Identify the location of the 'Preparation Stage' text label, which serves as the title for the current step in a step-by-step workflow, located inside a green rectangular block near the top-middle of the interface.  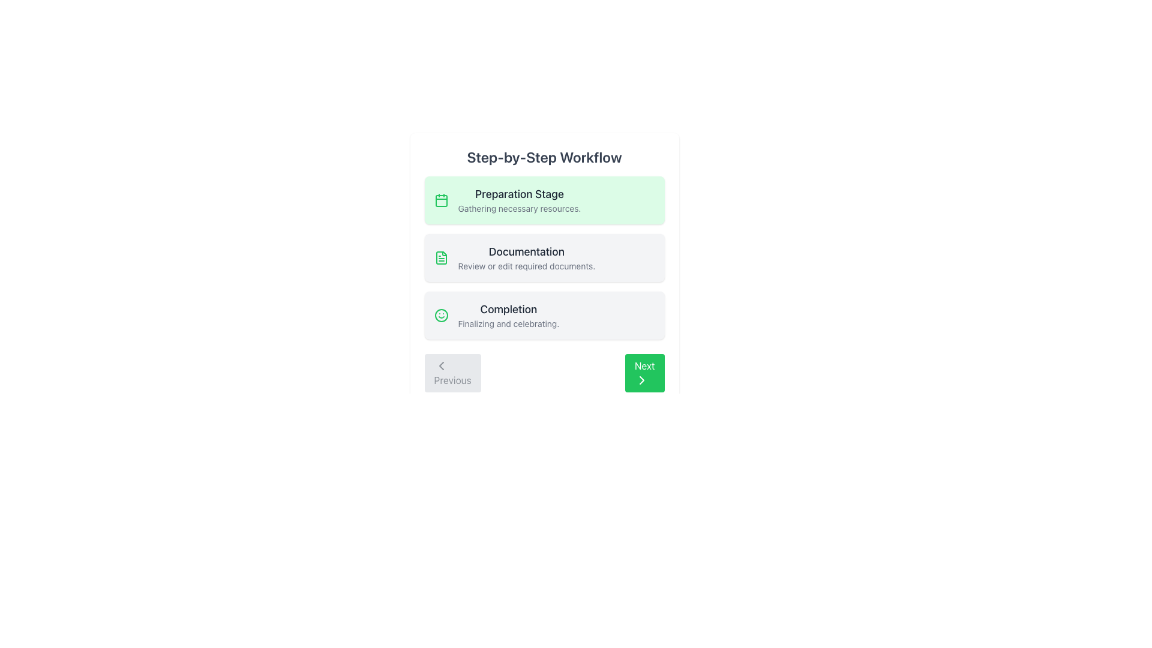
(519, 194).